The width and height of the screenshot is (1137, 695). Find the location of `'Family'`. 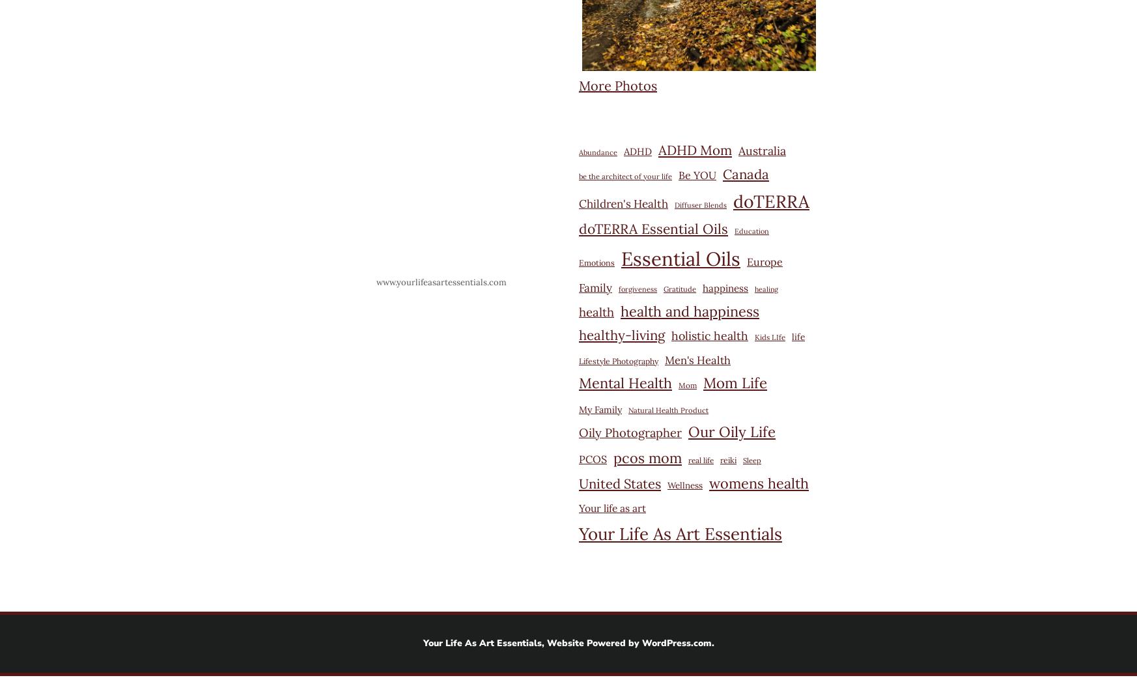

'Family' is located at coordinates (595, 287).